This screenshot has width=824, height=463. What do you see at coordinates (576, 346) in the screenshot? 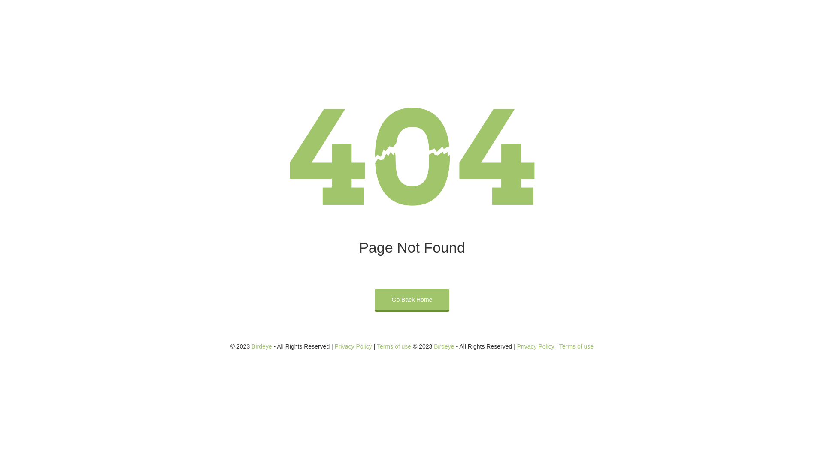
I see `'Terms of use'` at bounding box center [576, 346].